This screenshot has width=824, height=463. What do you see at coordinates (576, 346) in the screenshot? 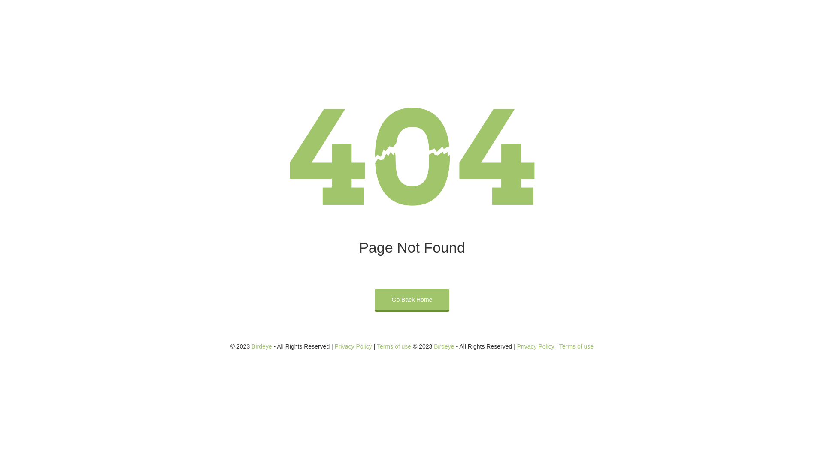
I see `'Terms of use'` at bounding box center [576, 346].